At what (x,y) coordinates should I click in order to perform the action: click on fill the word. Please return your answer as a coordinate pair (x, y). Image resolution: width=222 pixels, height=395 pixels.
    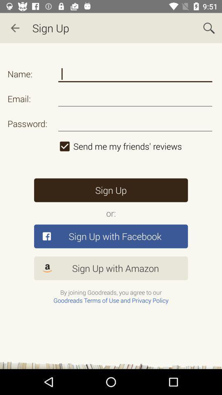
    Looking at the image, I should click on (135, 74).